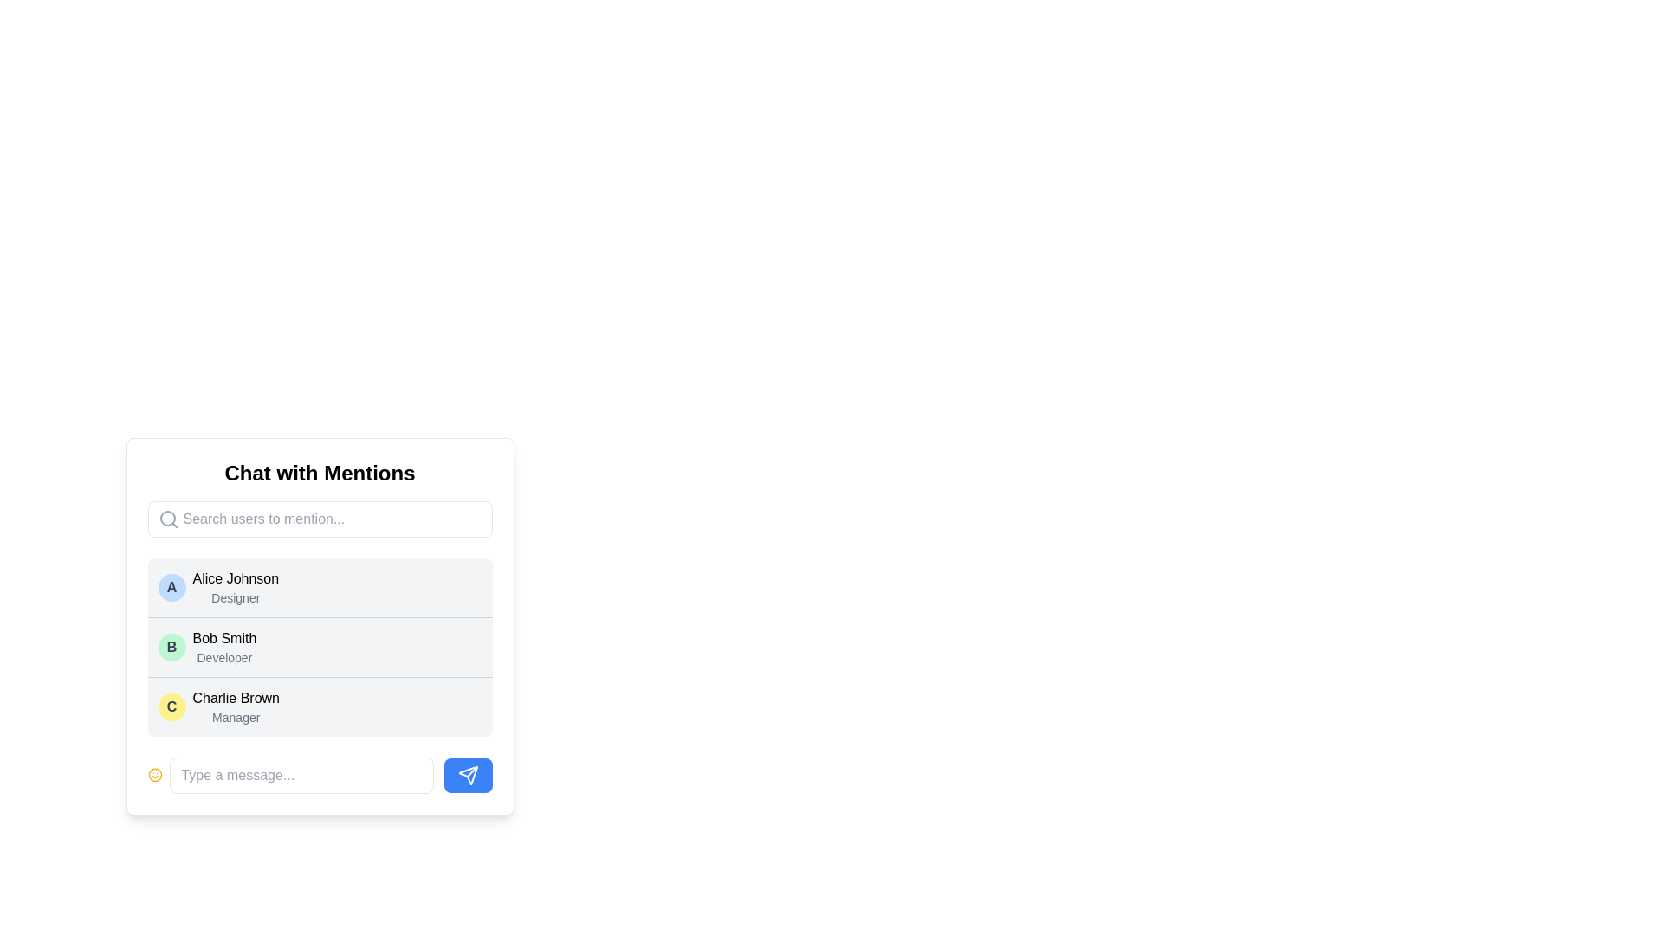 This screenshot has width=1663, height=935. What do you see at coordinates (223, 638) in the screenshot?
I see `on the Text label displaying 'Bob Smith' in the user list` at bounding box center [223, 638].